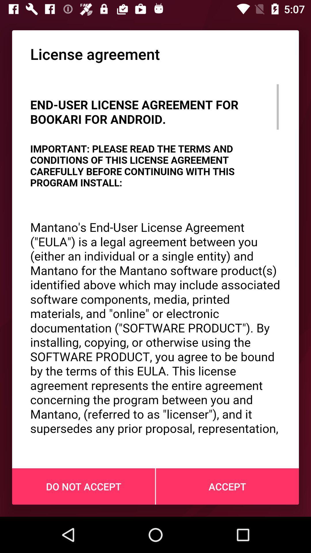 The width and height of the screenshot is (311, 553). What do you see at coordinates (84, 486) in the screenshot?
I see `do not accept` at bounding box center [84, 486].